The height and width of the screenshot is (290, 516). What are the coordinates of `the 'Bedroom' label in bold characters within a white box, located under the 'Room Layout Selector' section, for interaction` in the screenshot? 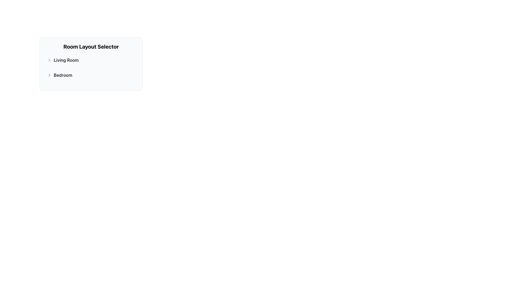 It's located at (91, 75).